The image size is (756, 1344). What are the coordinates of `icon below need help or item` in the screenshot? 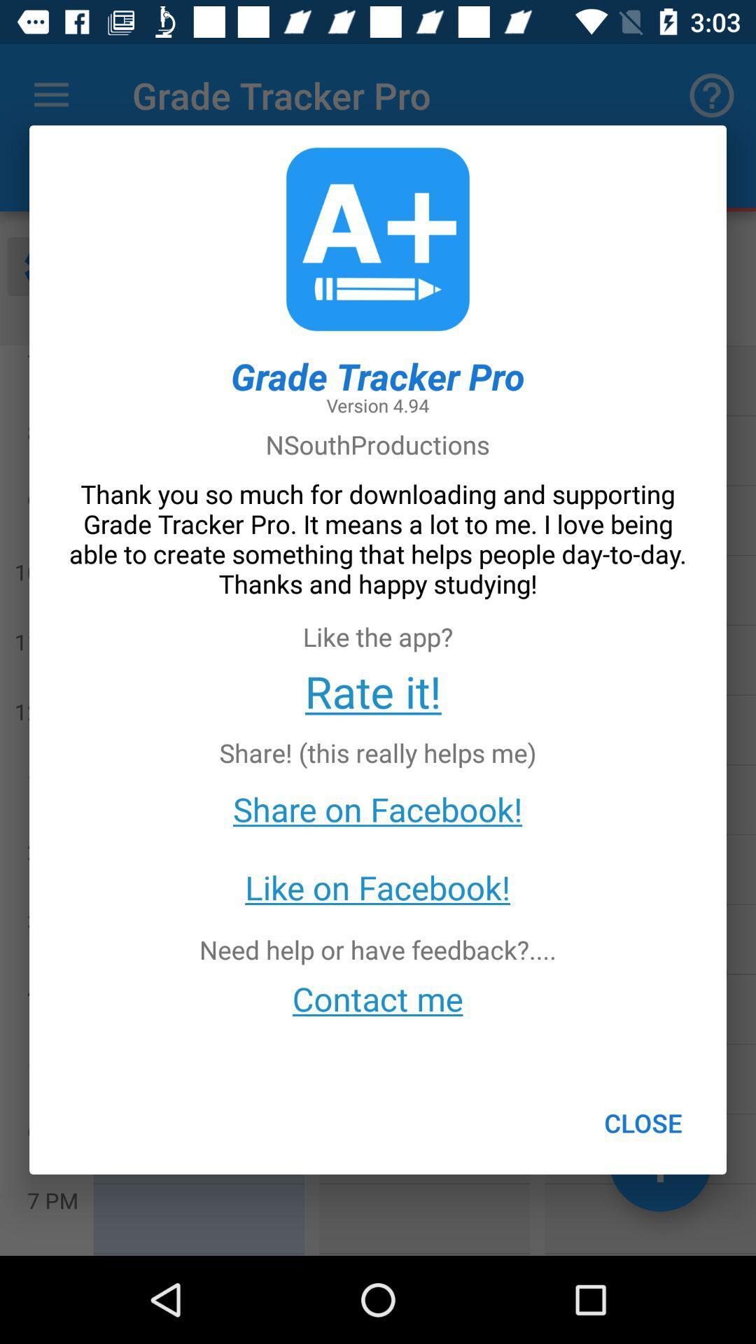 It's located at (377, 997).